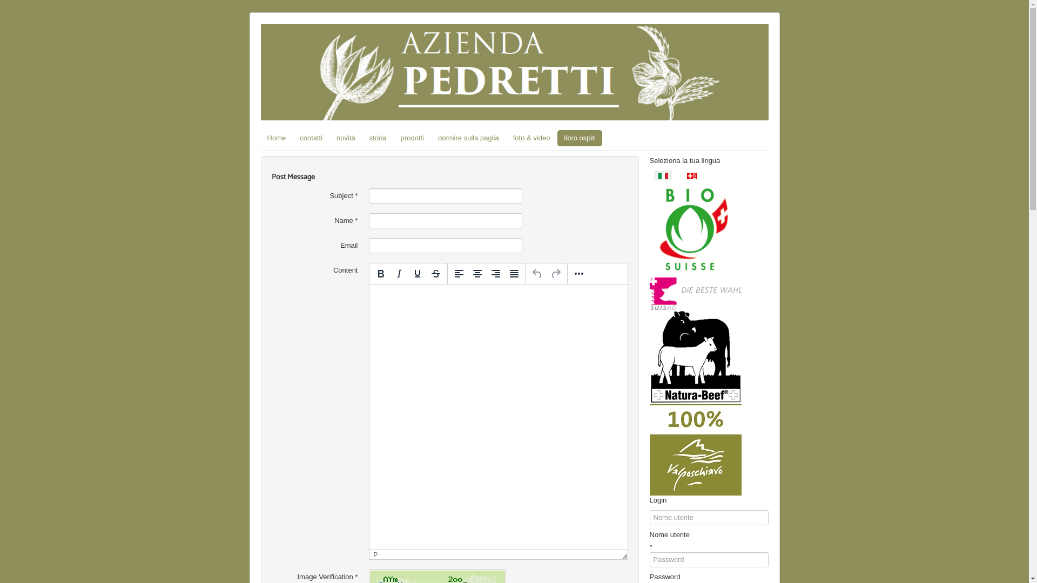 The height and width of the screenshot is (583, 1037). What do you see at coordinates (695, 293) in the screenshot?
I see `'suisag'` at bounding box center [695, 293].